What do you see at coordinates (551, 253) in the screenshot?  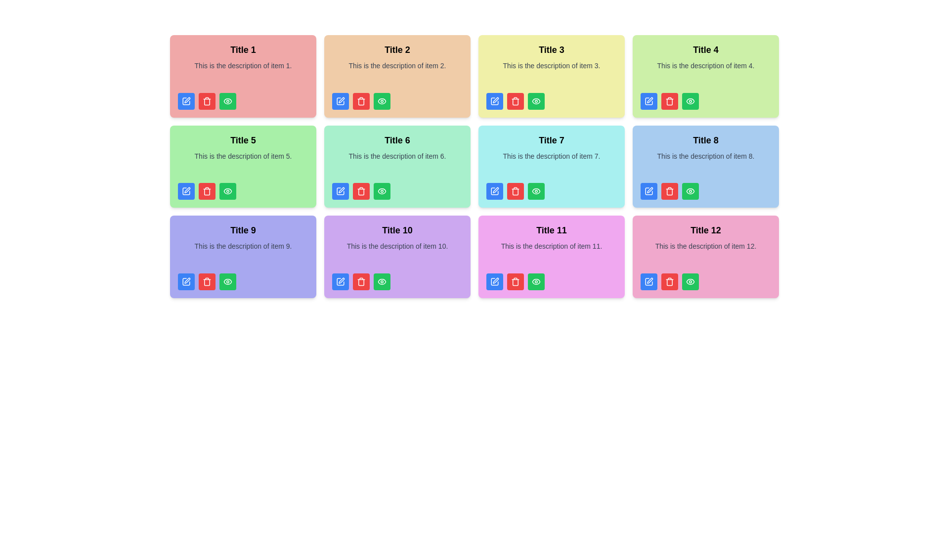 I see `the text label that contains the description 'This is the description of item 11.' which is positioned below the title 'Title 11' in a purple box` at bounding box center [551, 253].